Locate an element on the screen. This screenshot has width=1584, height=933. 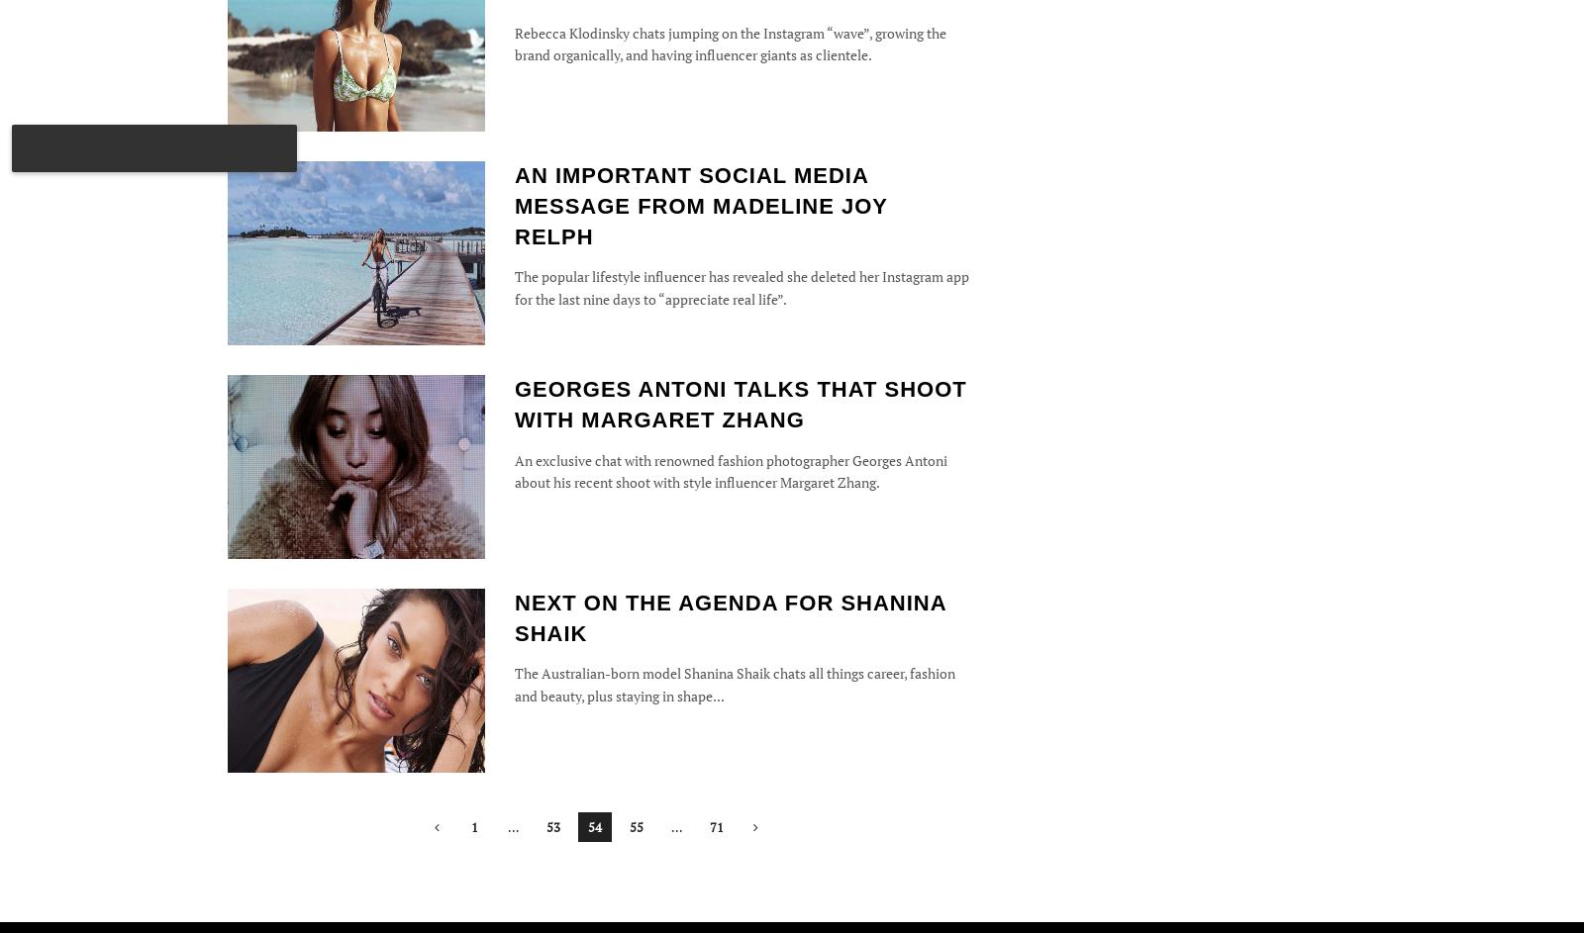
'54' is located at coordinates (585, 825).